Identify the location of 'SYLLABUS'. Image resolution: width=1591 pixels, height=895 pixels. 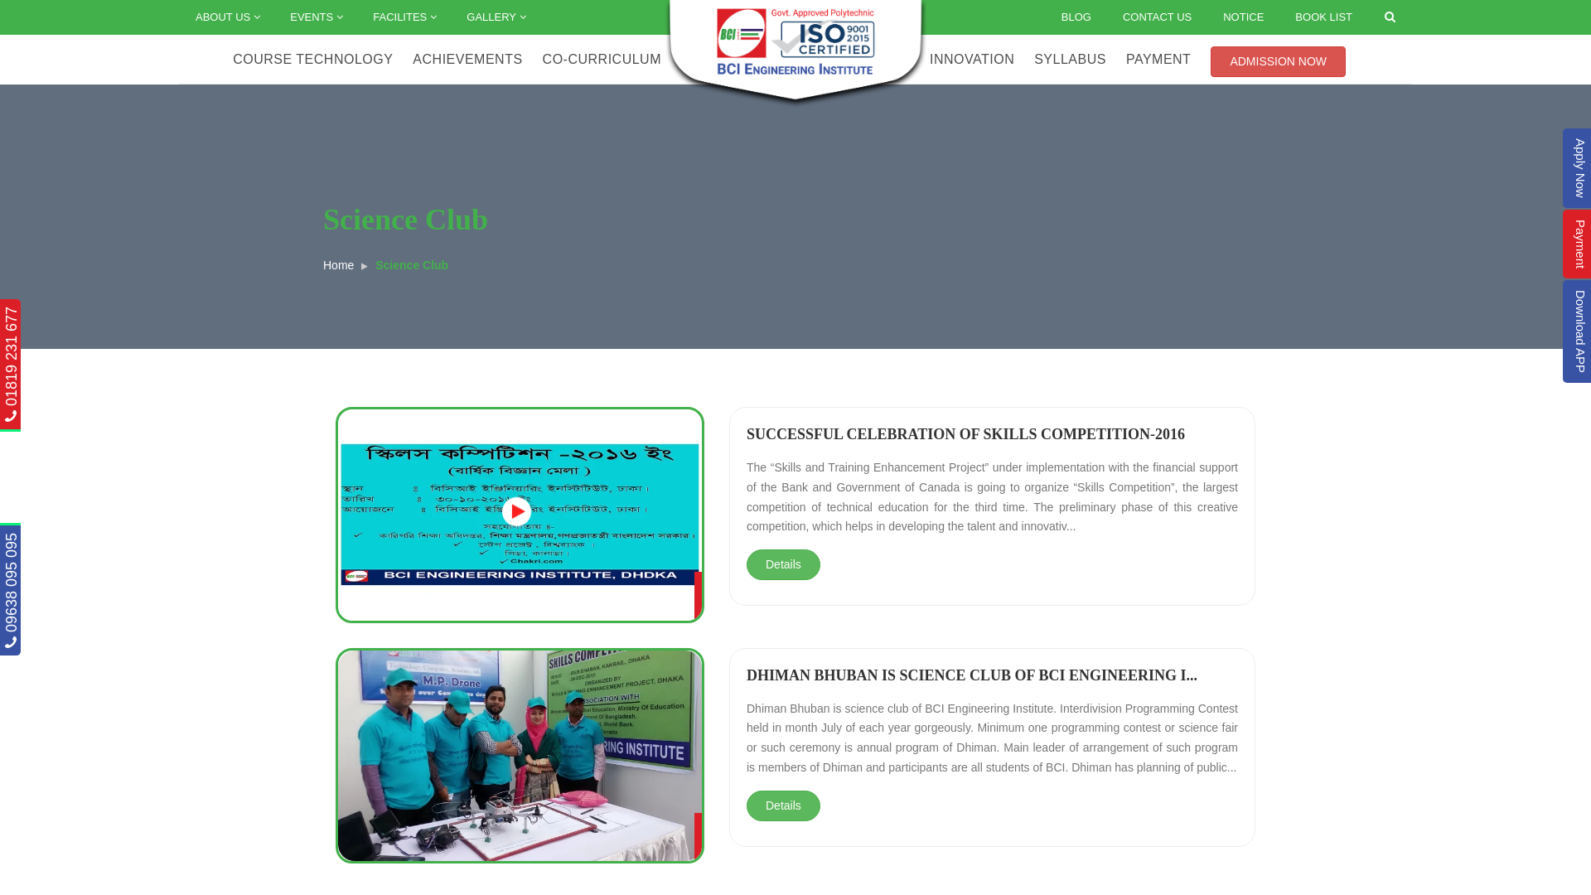
(1070, 60).